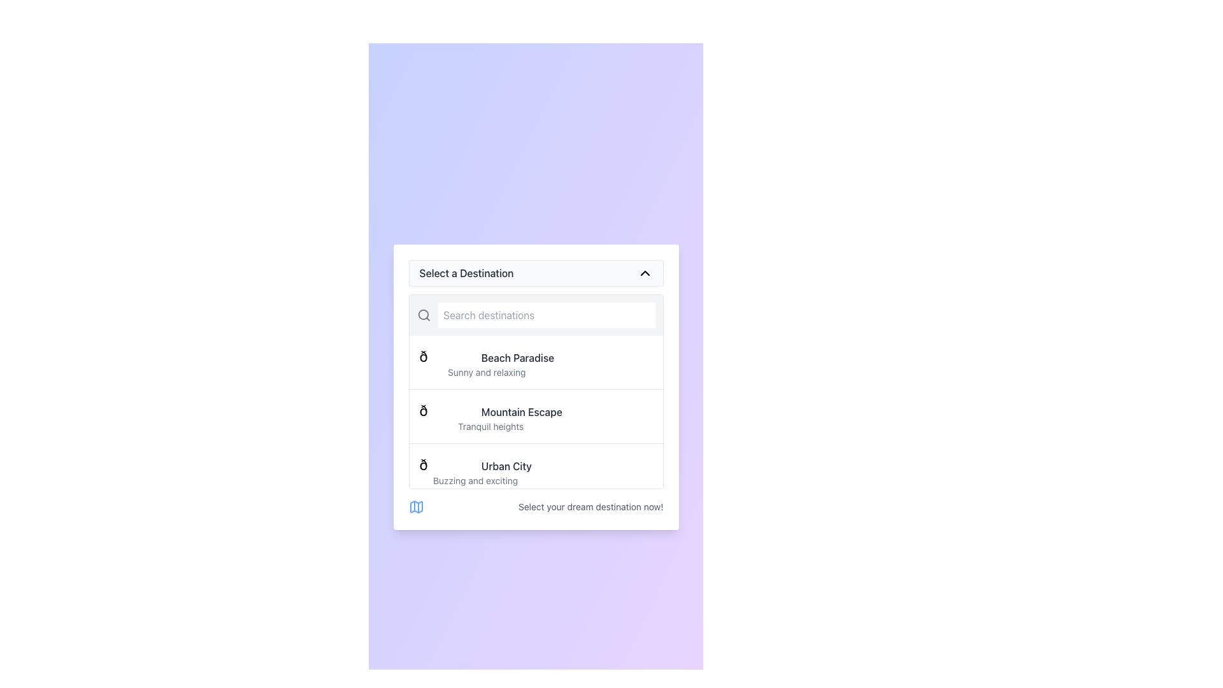 This screenshot has width=1223, height=688. Describe the element at coordinates (490, 417) in the screenshot. I see `the list item with the text 'Mountain Escape' and the mountain icon` at that location.